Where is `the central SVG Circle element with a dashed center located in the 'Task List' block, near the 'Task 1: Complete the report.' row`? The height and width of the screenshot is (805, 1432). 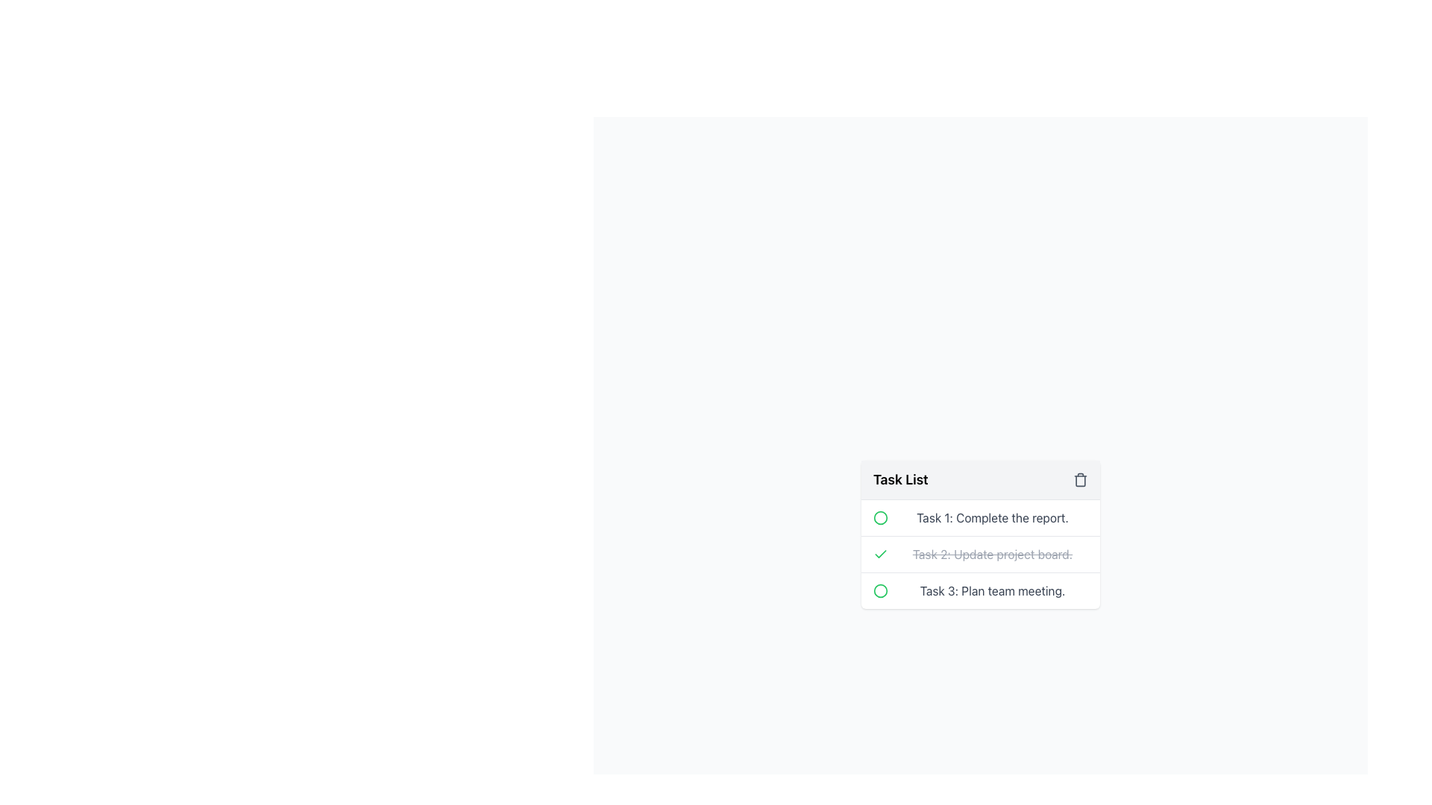 the central SVG Circle element with a dashed center located in the 'Task List' block, near the 'Task 1: Complete the report.' row is located at coordinates (880, 517).